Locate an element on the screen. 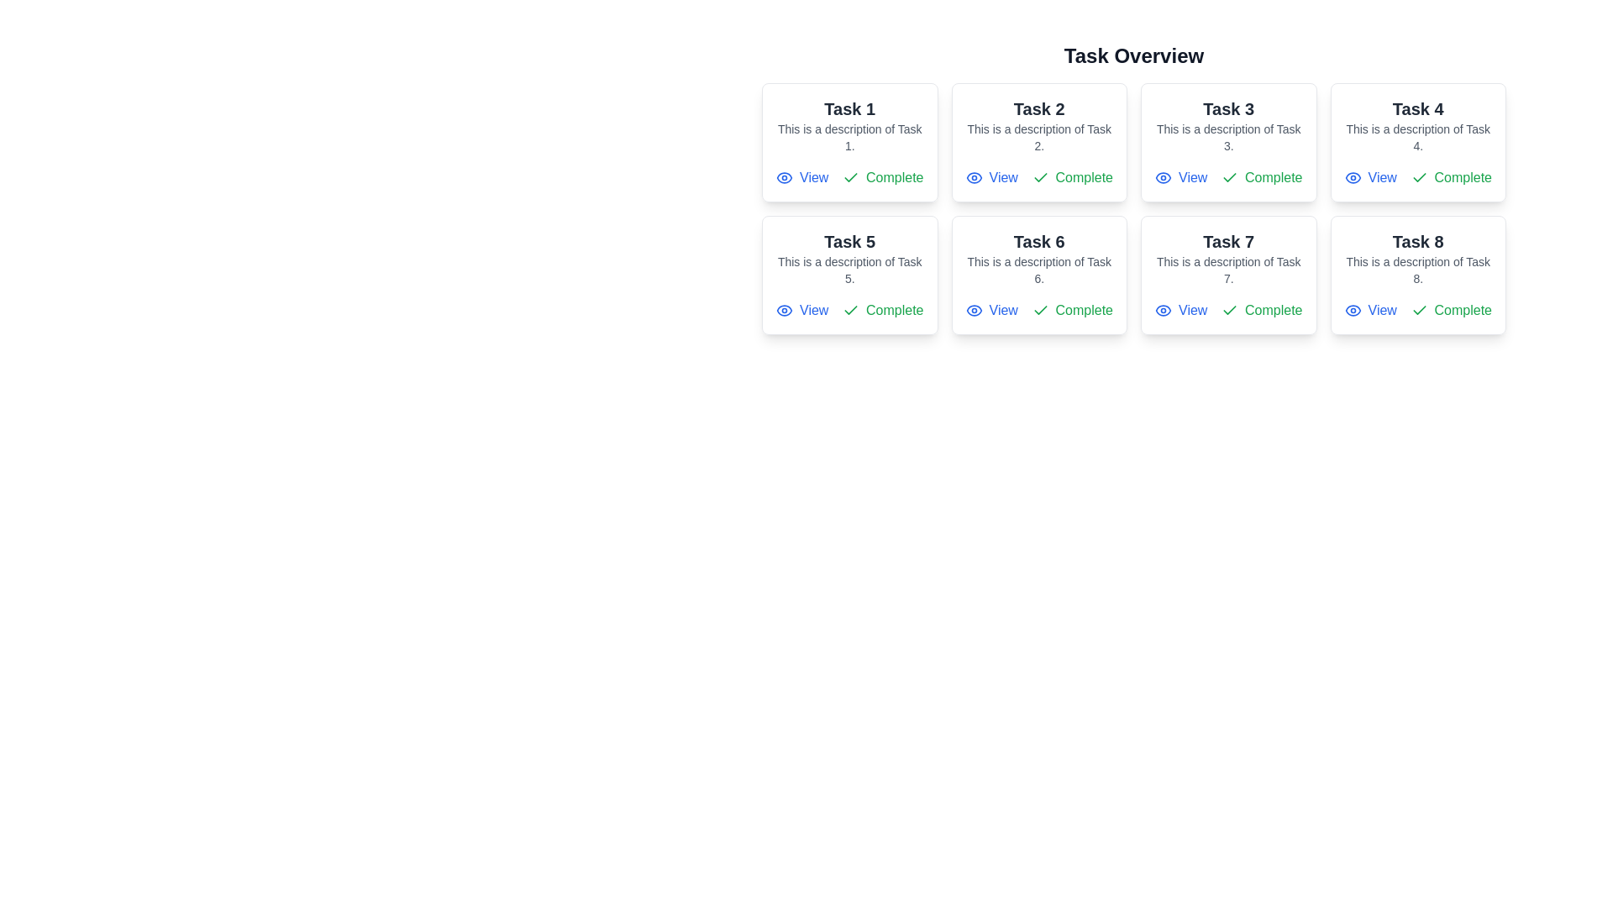 The width and height of the screenshot is (1613, 907). the status represented by the checkmark icon located to the right of the 'Complete' text in the 'Task 4' card is located at coordinates (1418, 177).